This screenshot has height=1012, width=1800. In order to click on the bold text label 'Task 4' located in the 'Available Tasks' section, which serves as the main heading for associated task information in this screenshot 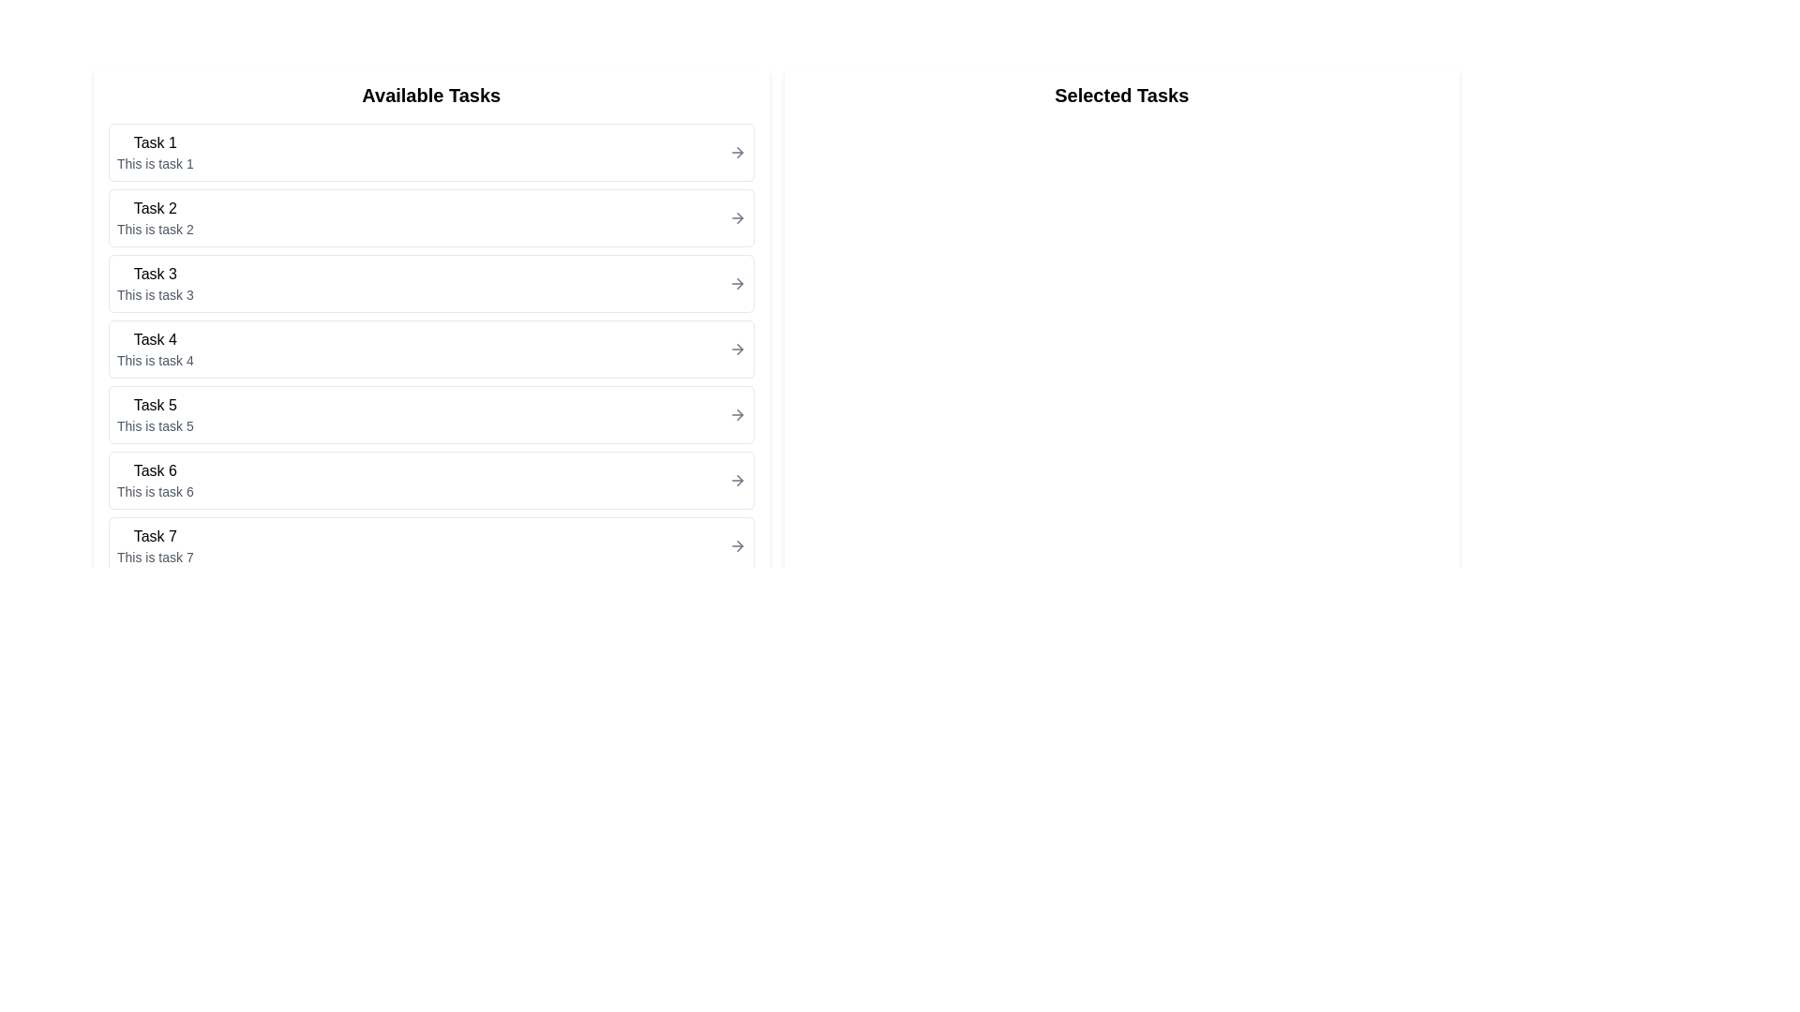, I will do `click(155, 339)`.